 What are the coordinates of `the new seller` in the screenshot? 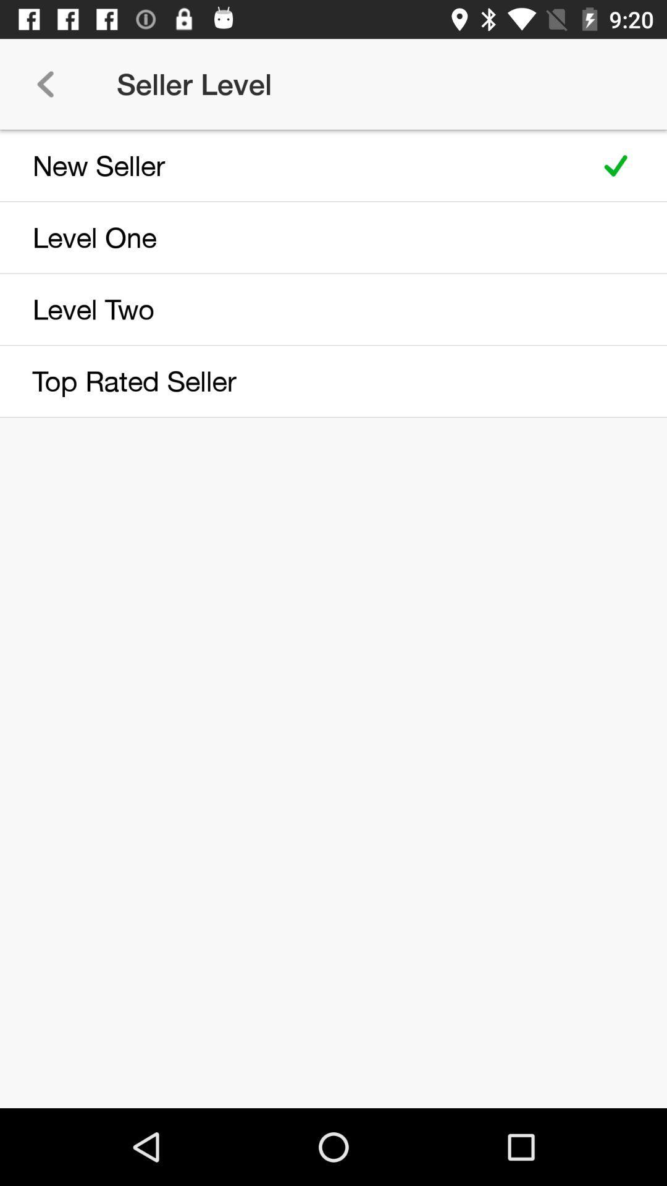 It's located at (292, 165).